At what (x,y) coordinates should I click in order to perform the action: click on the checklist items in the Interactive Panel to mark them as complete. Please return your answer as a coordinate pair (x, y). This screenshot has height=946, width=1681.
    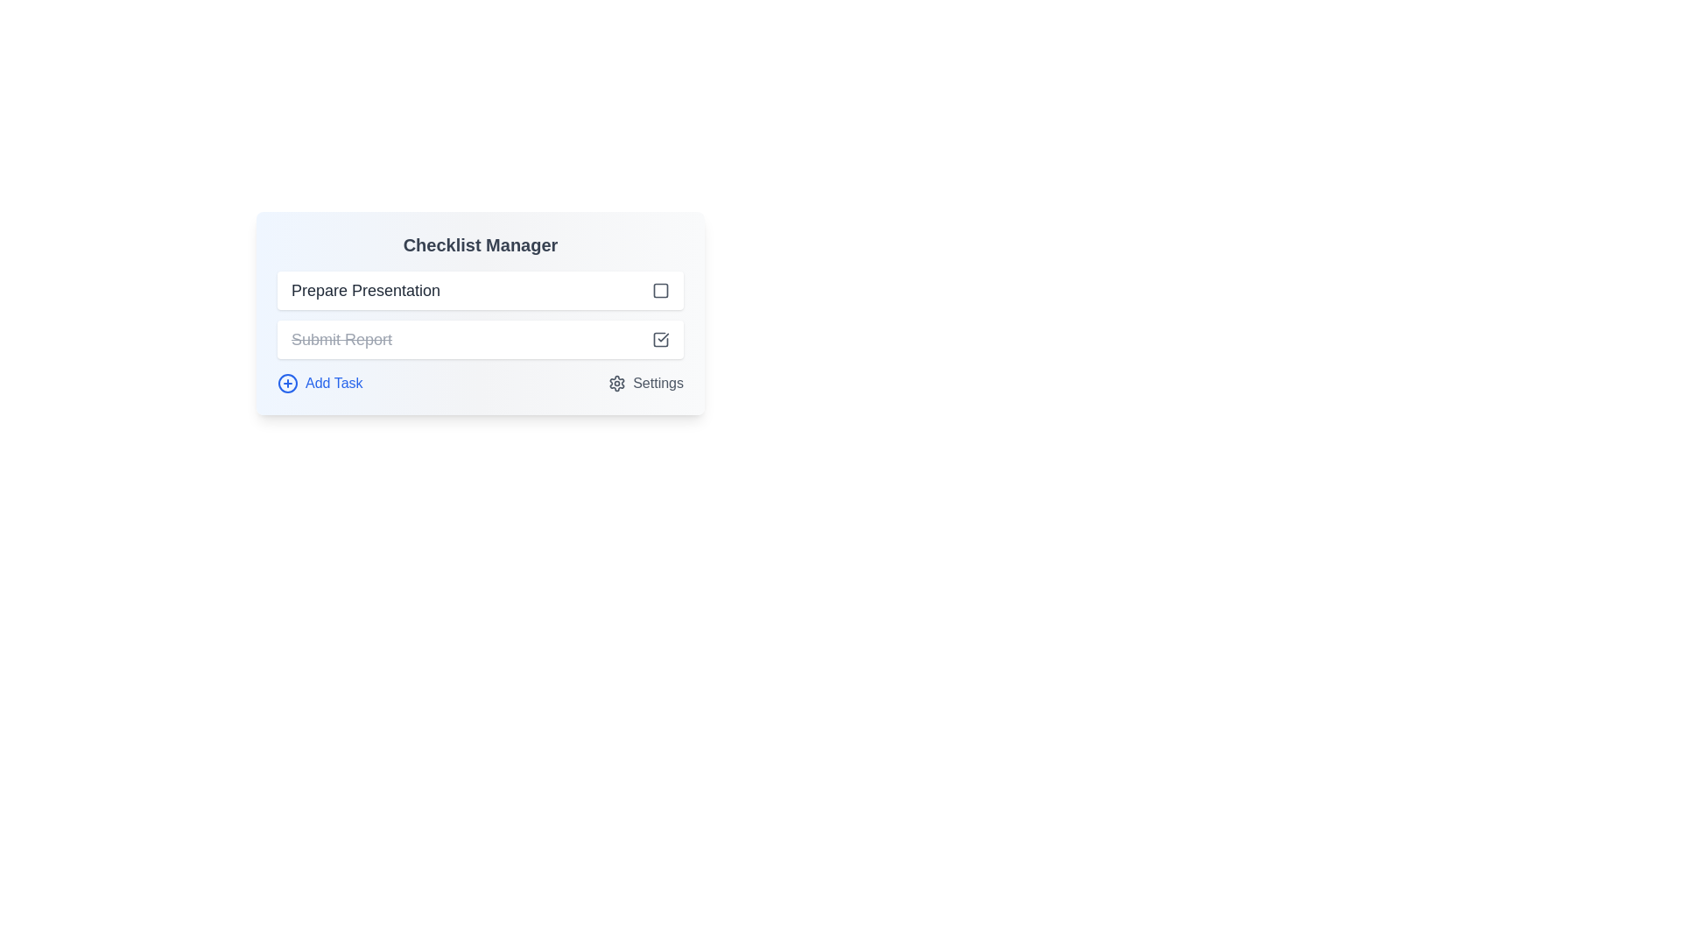
    Looking at the image, I should click on (480, 313).